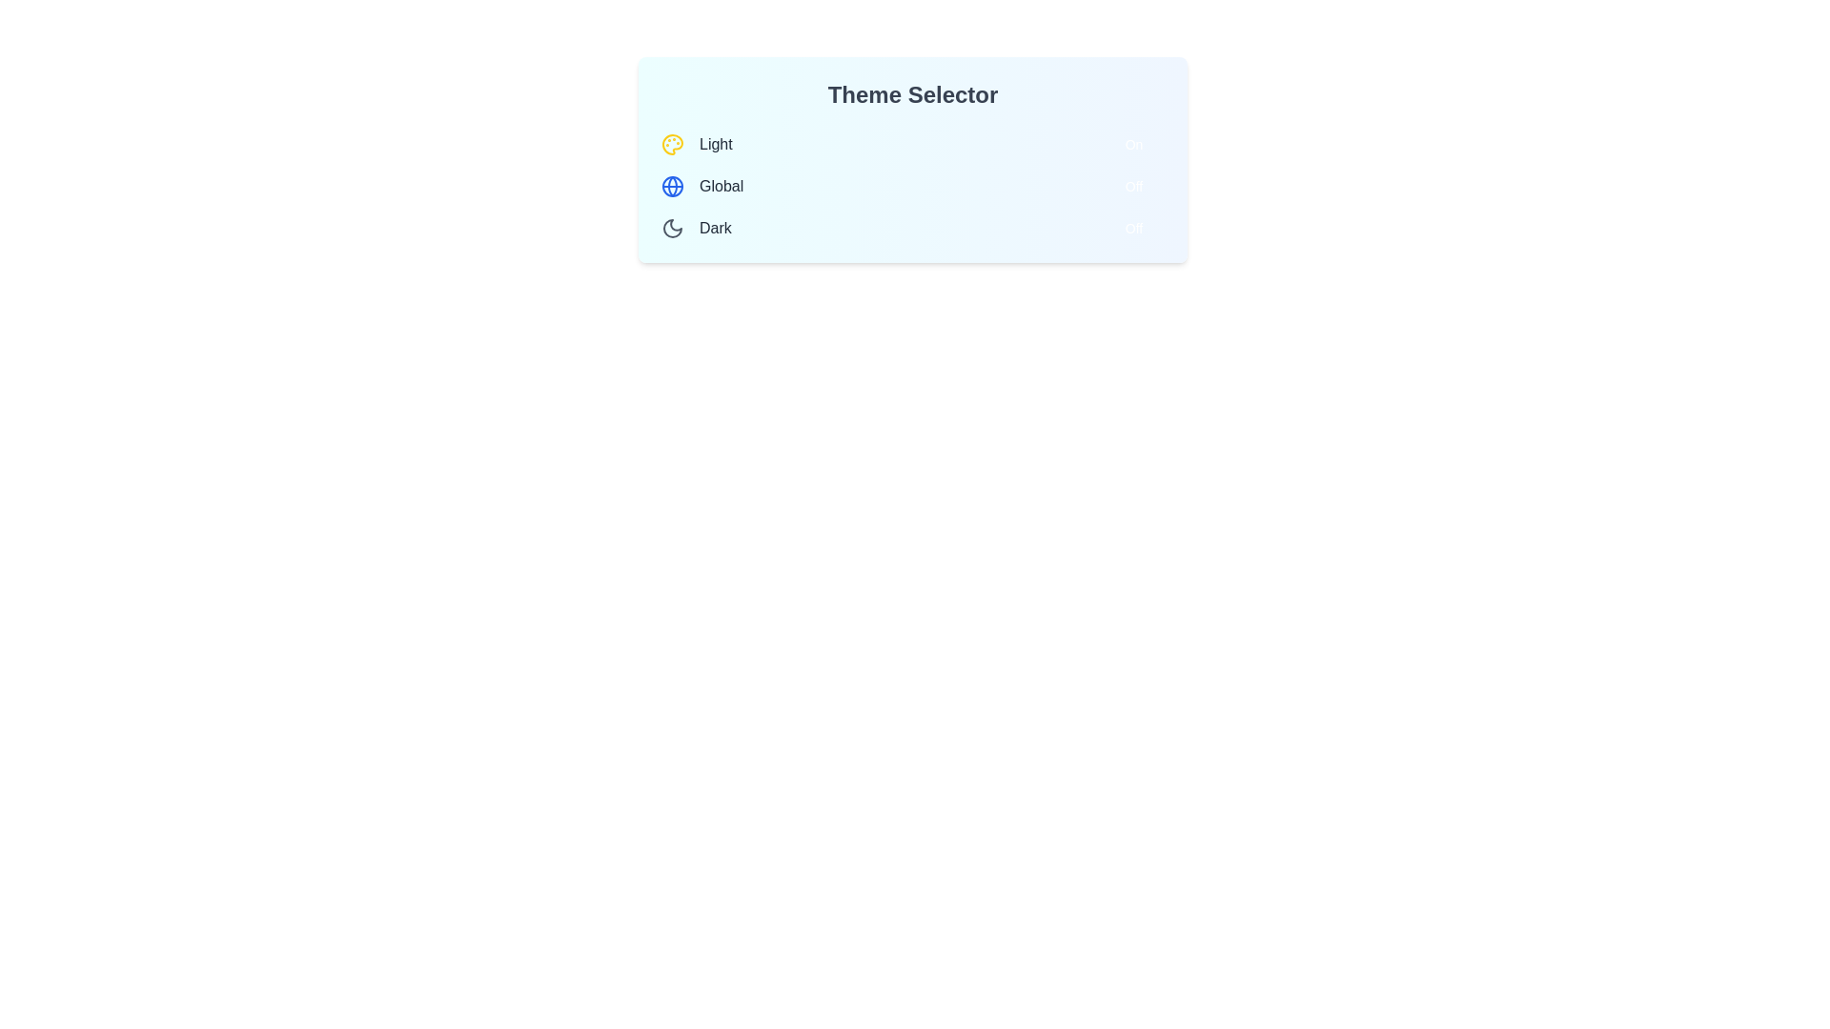 This screenshot has height=1029, width=1830. I want to click on the icon of the theme Dark to view it, so click(672, 227).